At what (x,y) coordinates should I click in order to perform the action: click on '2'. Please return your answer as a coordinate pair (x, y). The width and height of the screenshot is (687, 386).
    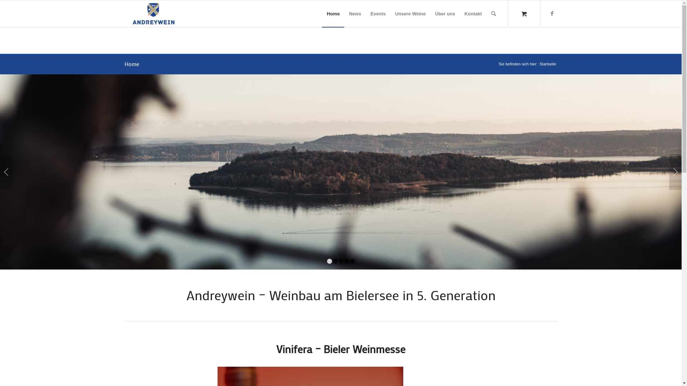
    Looking at the image, I should click on (335, 261).